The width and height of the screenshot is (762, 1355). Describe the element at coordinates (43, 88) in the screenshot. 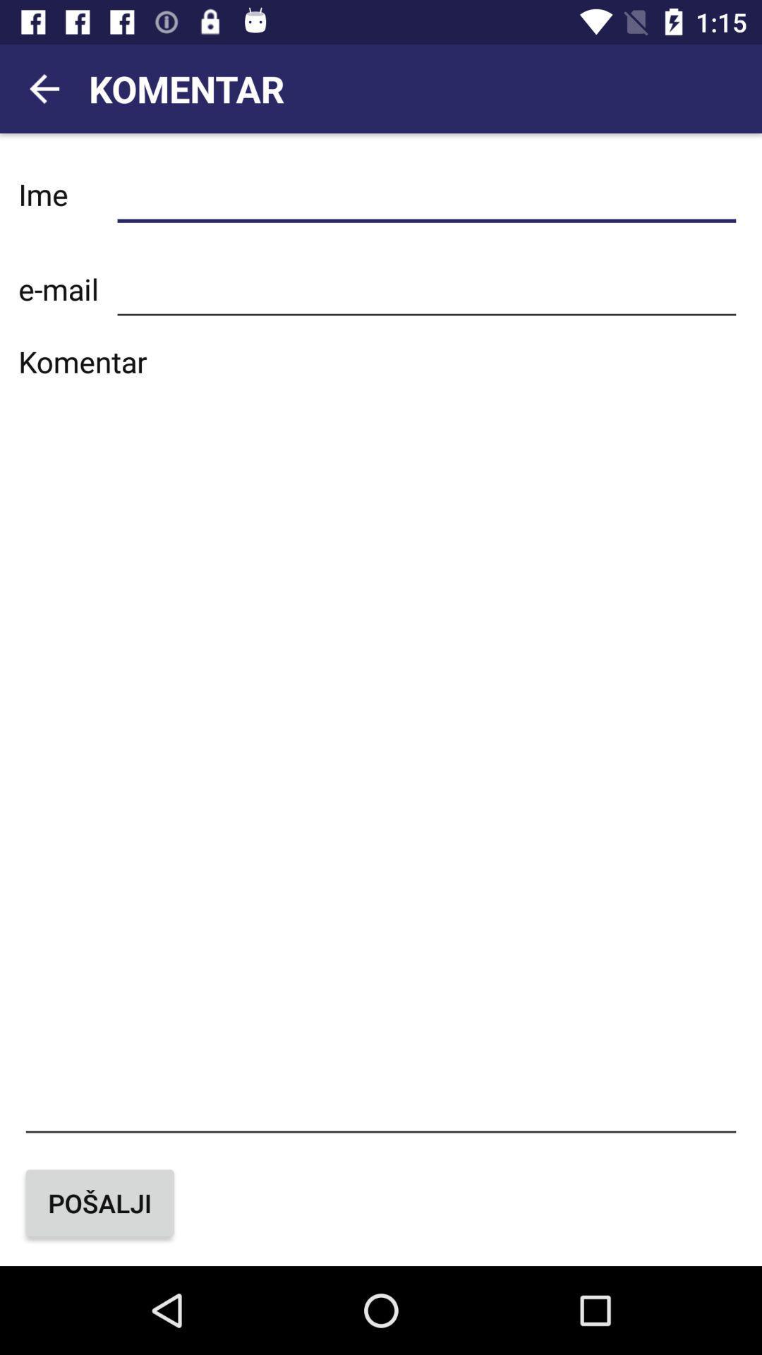

I see `the item to the left of the komentar item` at that location.